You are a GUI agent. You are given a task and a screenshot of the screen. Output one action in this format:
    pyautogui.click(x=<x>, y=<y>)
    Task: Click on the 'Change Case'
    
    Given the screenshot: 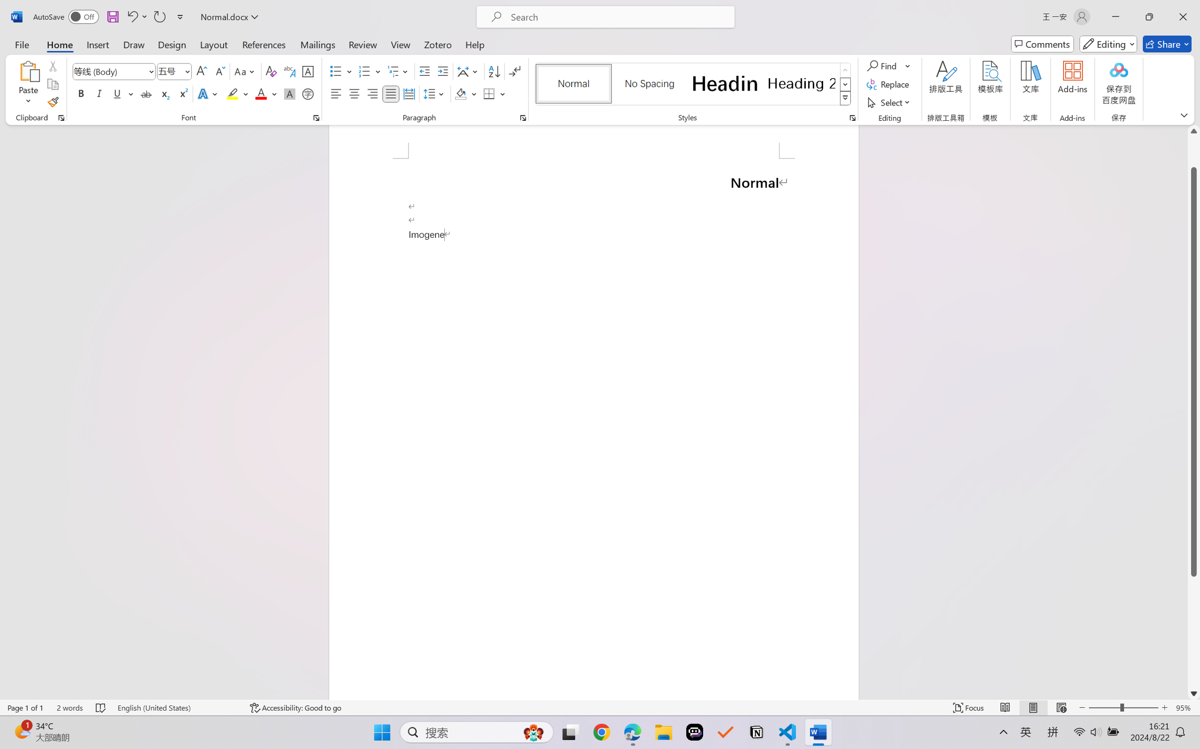 What is the action you would take?
    pyautogui.click(x=244, y=71)
    